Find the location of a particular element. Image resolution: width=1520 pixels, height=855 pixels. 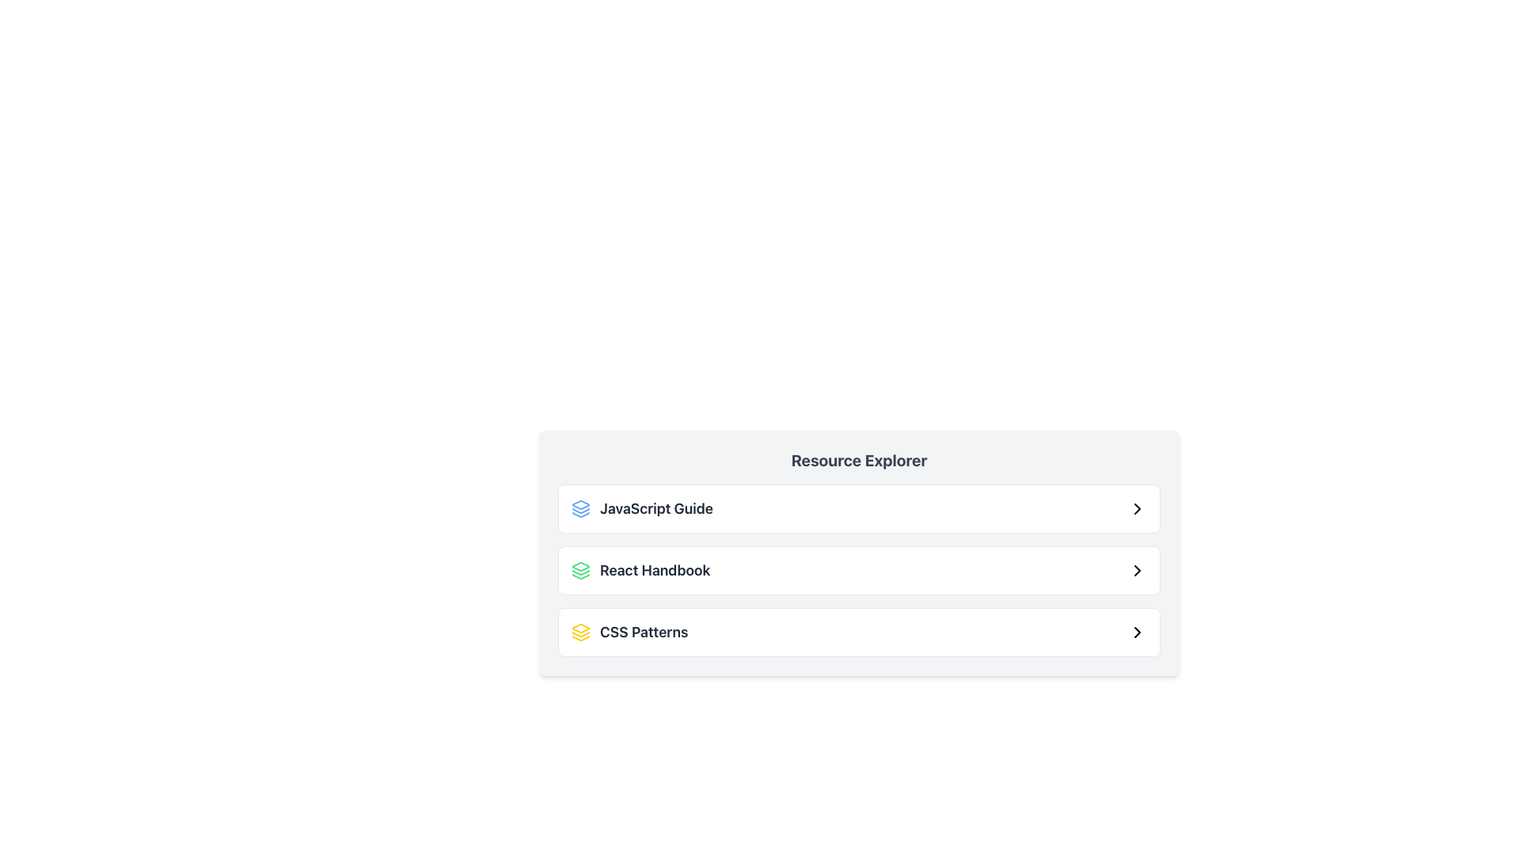

the rightwards chevron icon located at the far-right of the 'JavaScript Guide' list item in the 'Resource Explorer' section is located at coordinates (1136, 509).